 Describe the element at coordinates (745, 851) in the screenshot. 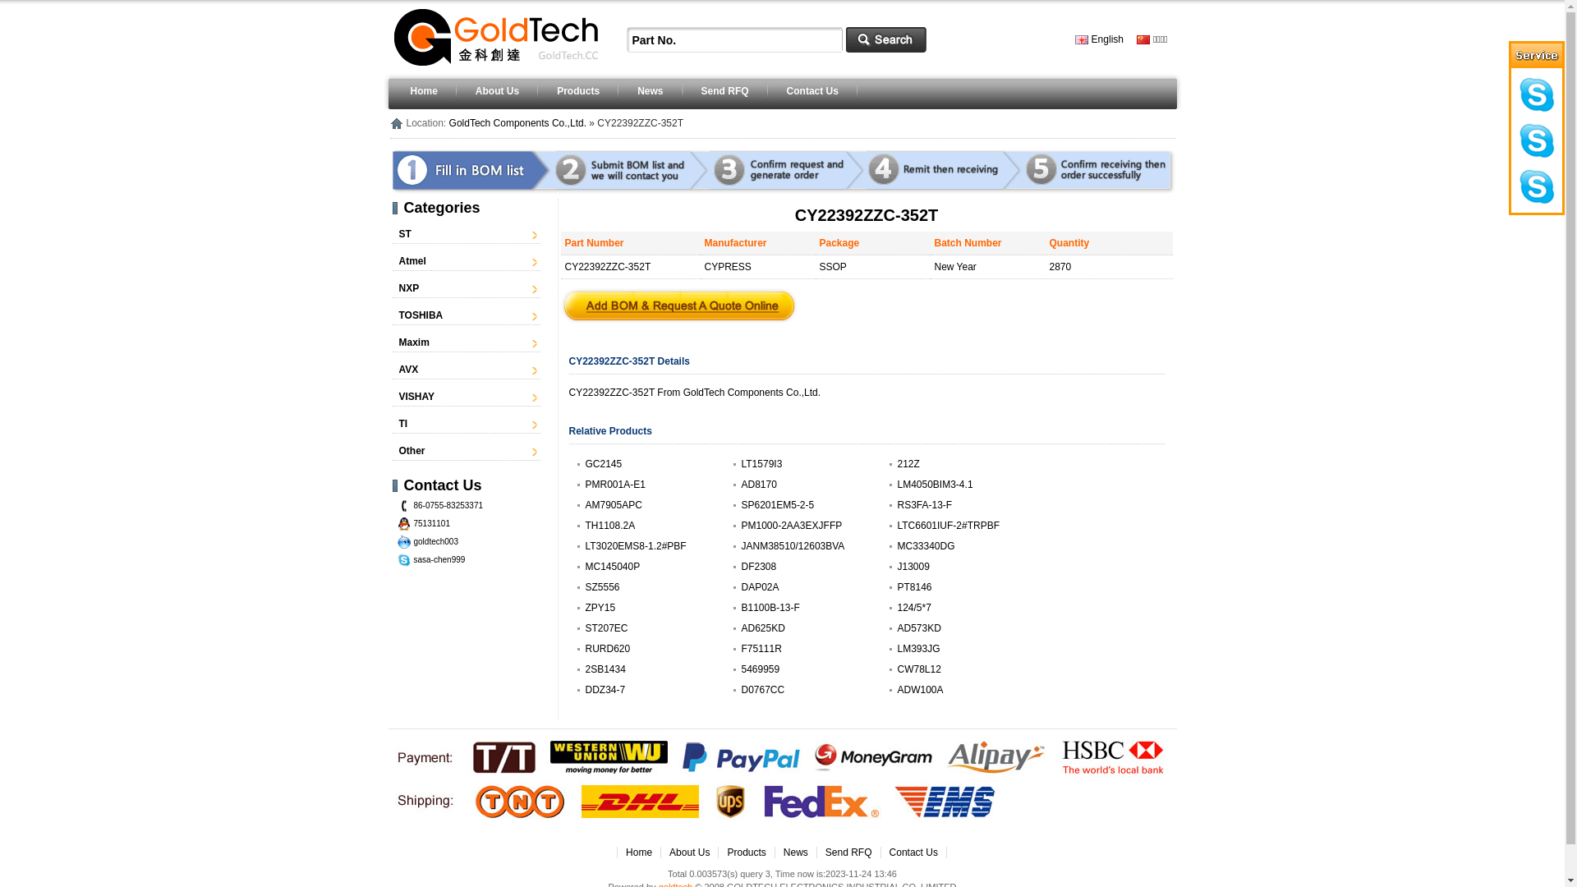

I see `'Products'` at that location.